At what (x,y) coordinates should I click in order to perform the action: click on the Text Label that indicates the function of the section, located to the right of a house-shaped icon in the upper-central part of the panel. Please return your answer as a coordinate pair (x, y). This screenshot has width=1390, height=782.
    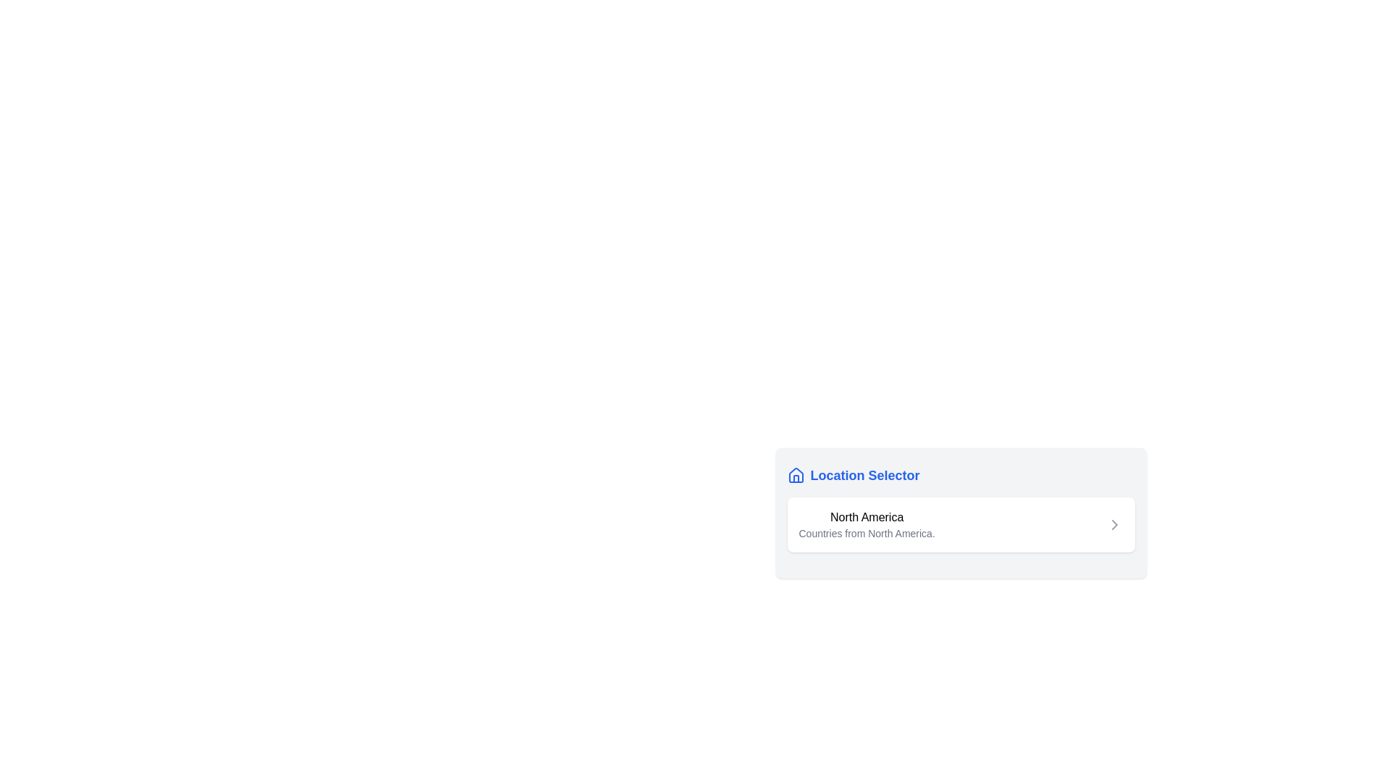
    Looking at the image, I should click on (865, 475).